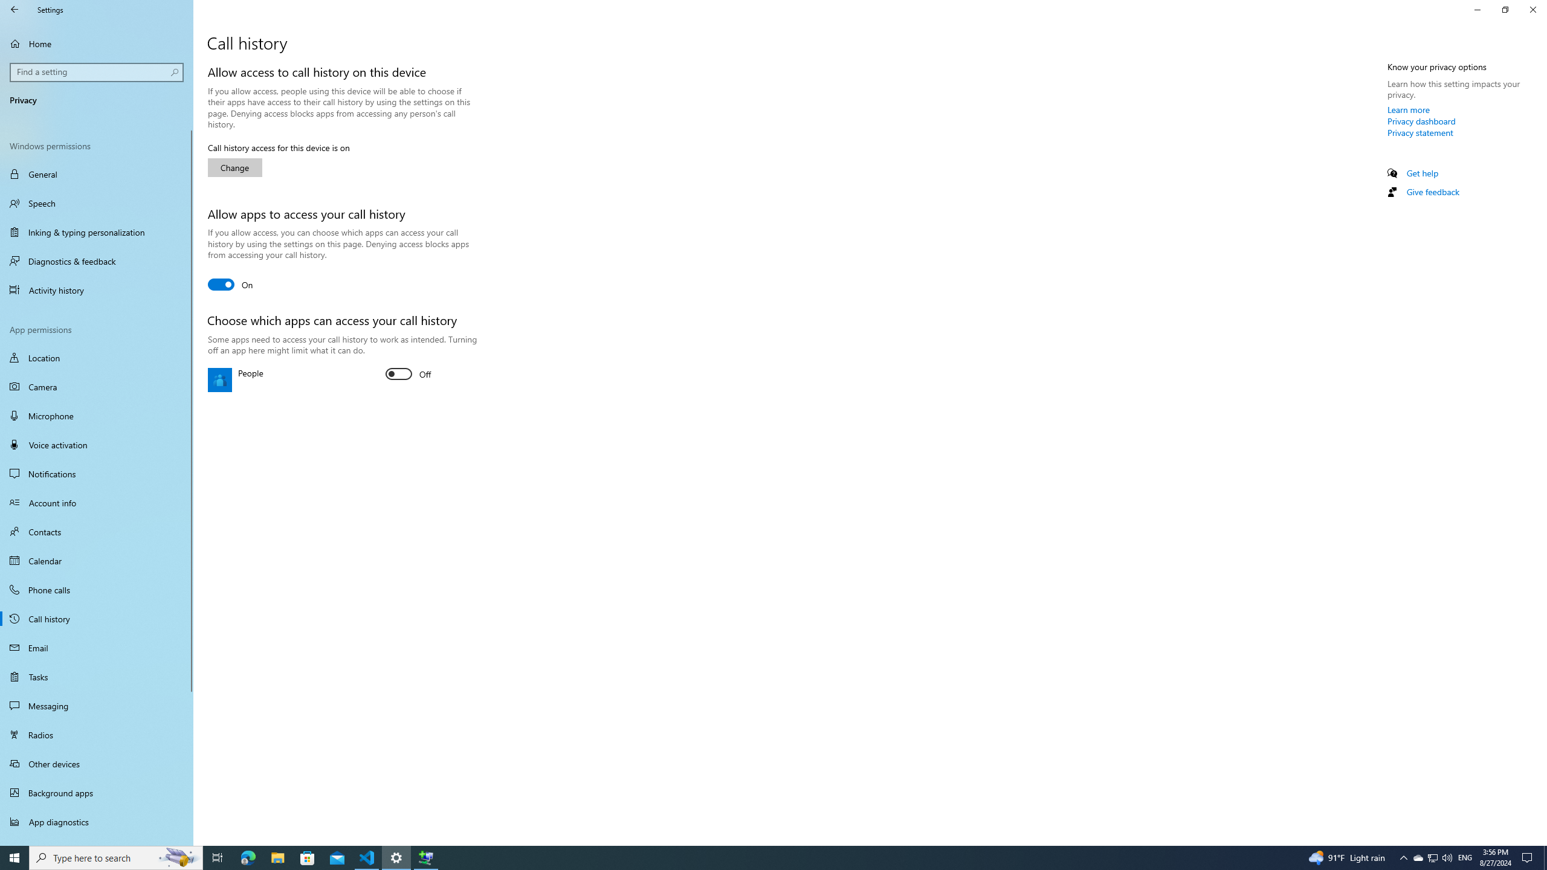 This screenshot has height=870, width=1547. I want to click on 'Other devices', so click(96, 763).